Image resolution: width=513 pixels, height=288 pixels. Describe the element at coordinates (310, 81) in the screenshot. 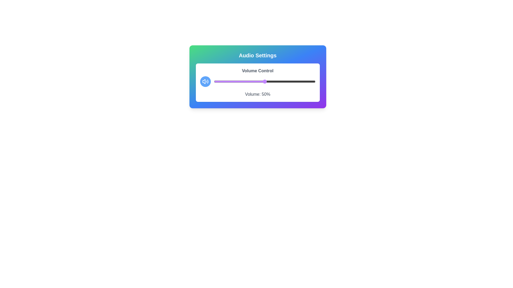

I see `volume slider` at that location.